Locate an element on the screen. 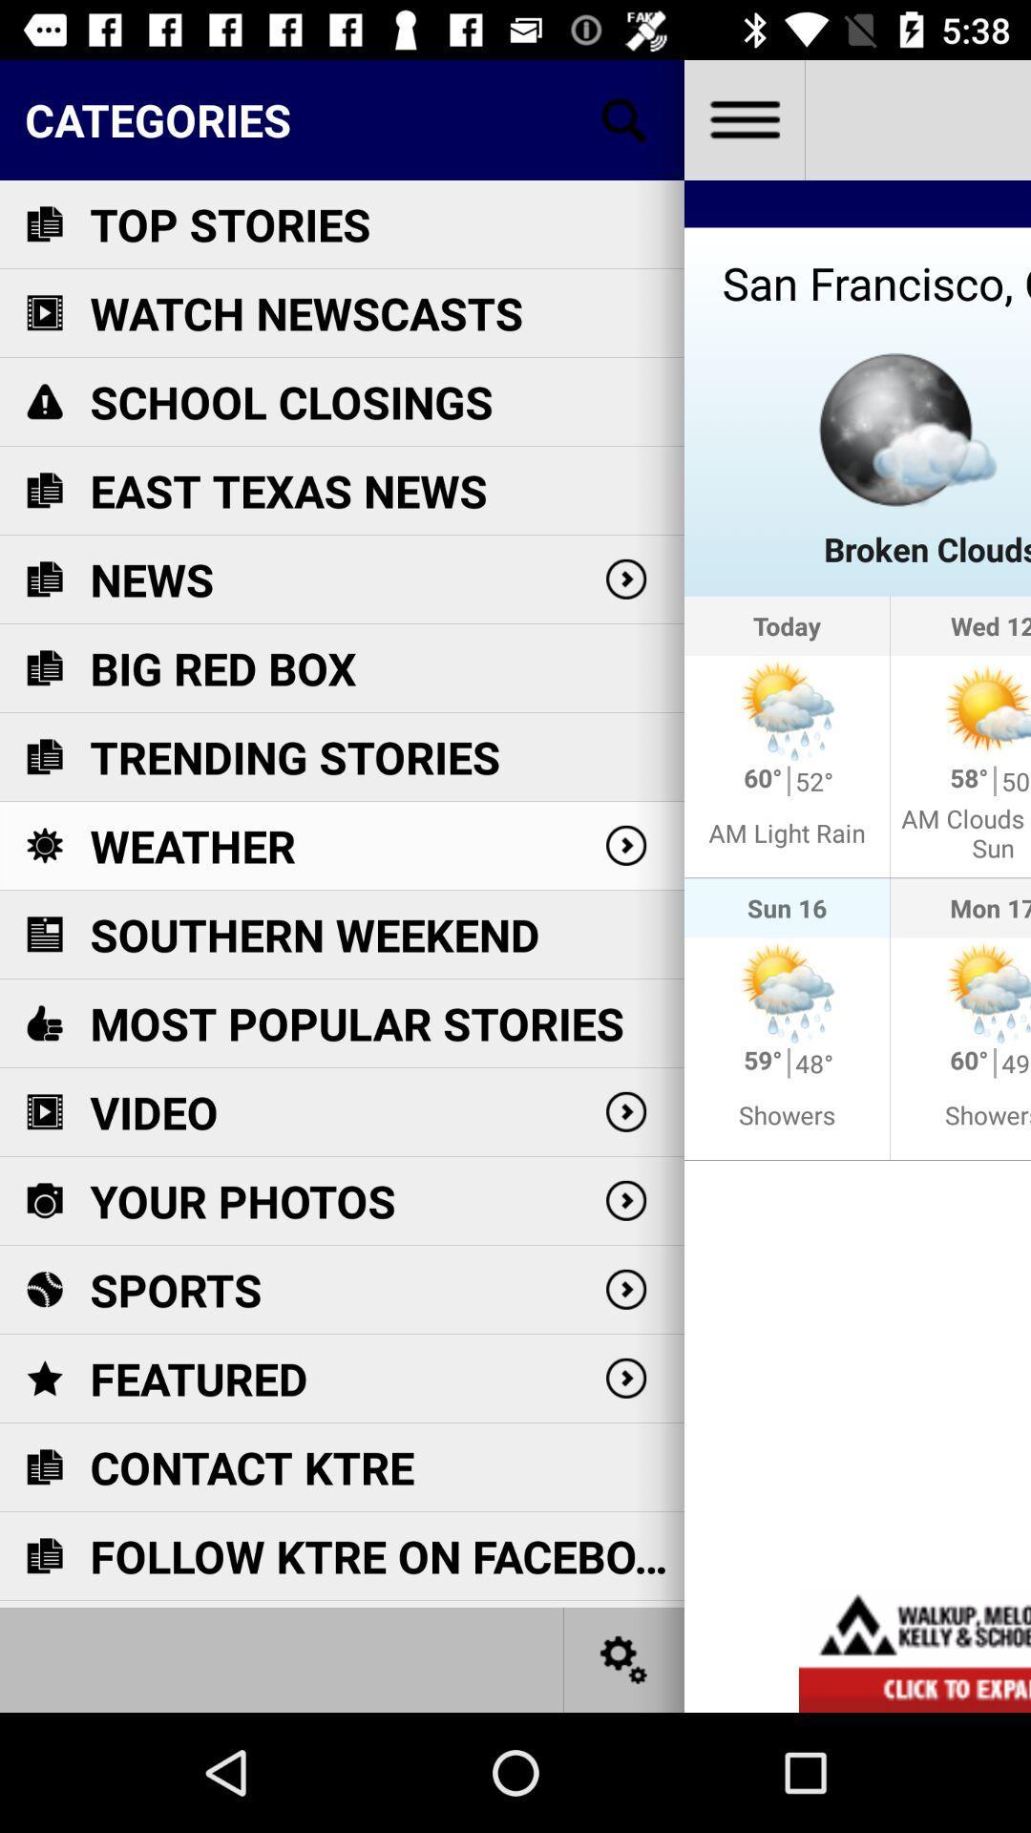 Image resolution: width=1031 pixels, height=1833 pixels. search box is located at coordinates (624, 118).